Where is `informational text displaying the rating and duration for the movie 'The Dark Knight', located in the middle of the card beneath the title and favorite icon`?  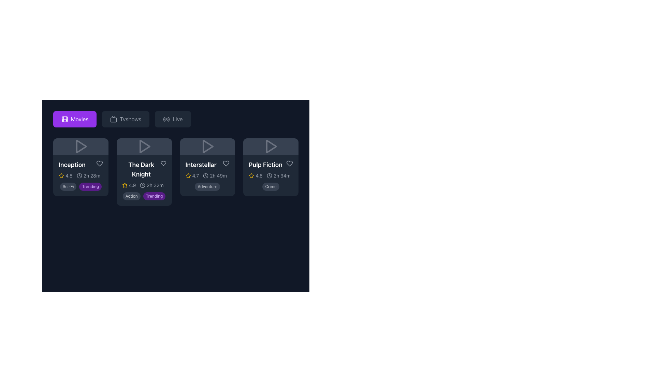 informational text displaying the rating and duration for the movie 'The Dark Knight', located in the middle of the card beneath the title and favorite icon is located at coordinates (144, 185).